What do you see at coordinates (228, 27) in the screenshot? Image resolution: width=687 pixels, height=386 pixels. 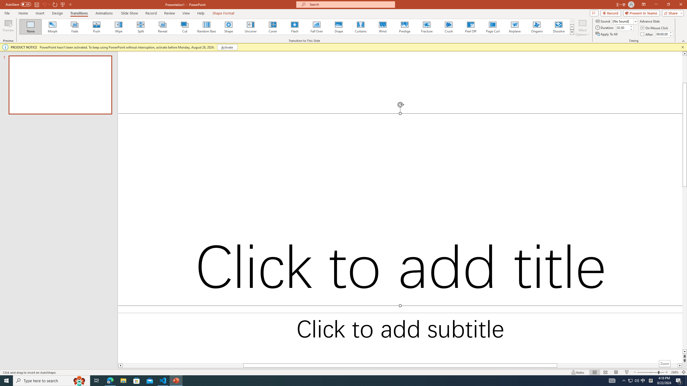 I see `'Shape'` at bounding box center [228, 27].